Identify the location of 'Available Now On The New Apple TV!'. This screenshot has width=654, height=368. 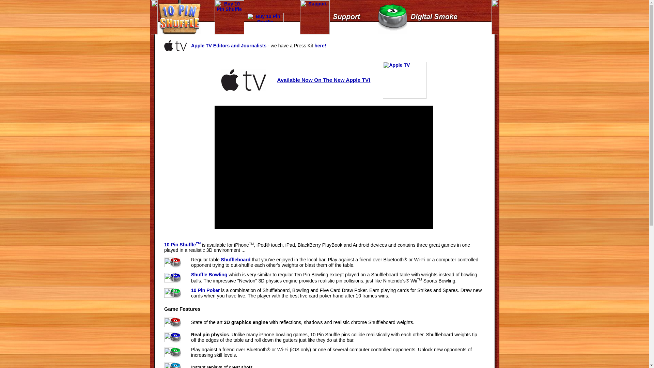
(323, 79).